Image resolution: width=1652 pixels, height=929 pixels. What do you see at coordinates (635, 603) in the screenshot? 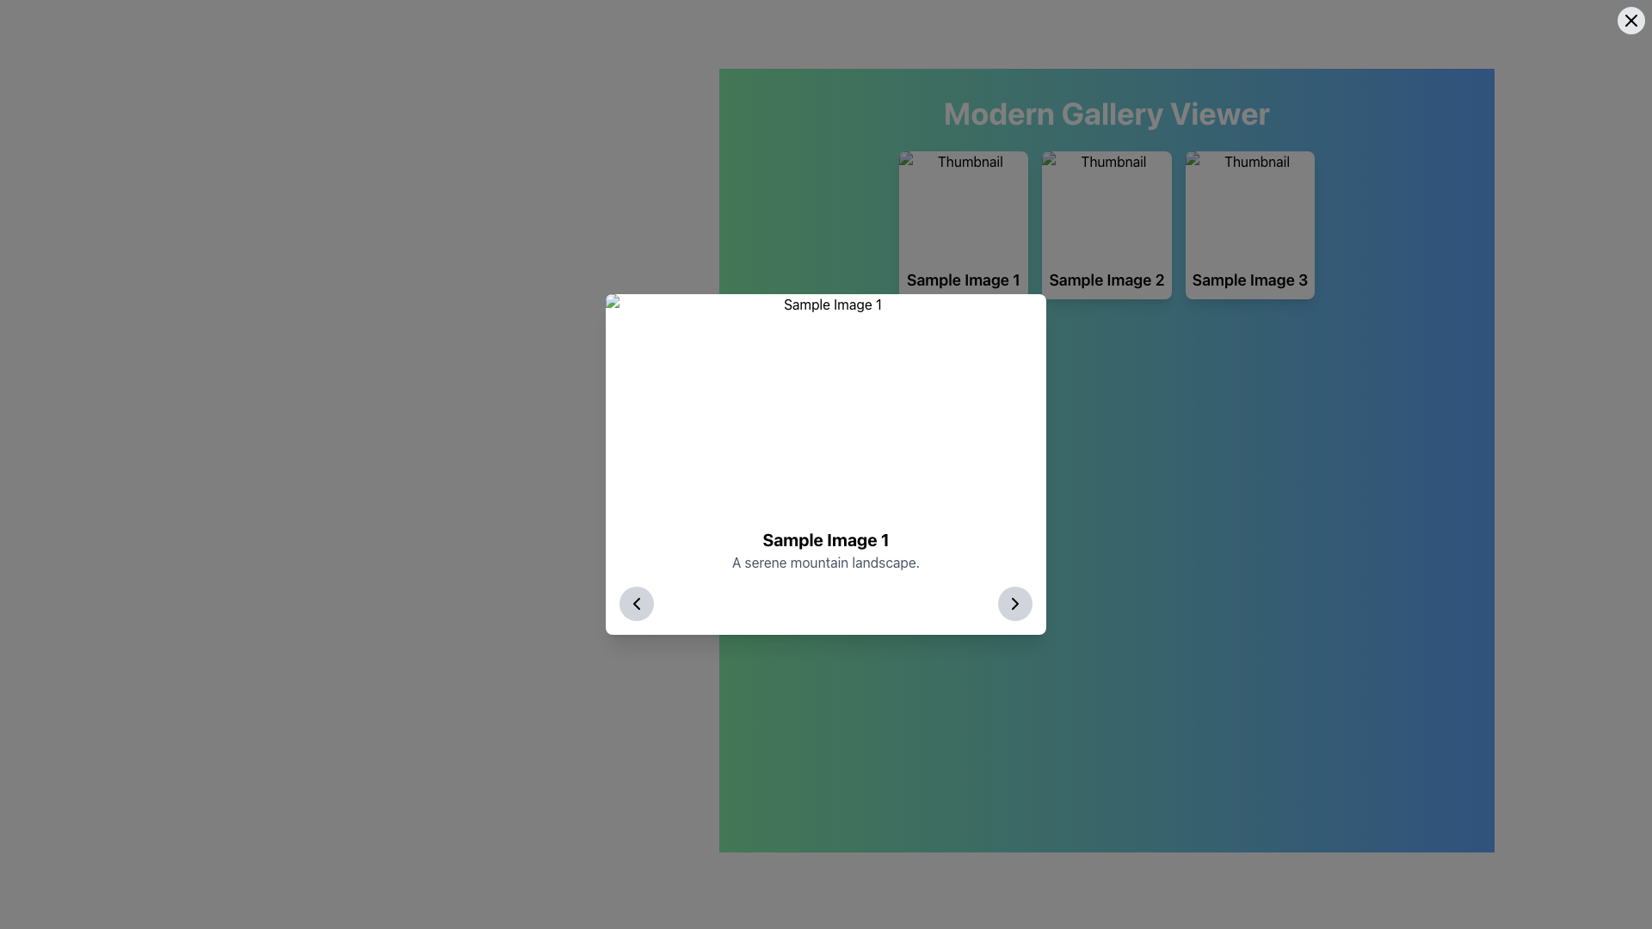
I see `the 'previous' navigation button located in the bottom-left corner of the pop-up window that displays details about 'Sample Image 1'` at bounding box center [635, 603].